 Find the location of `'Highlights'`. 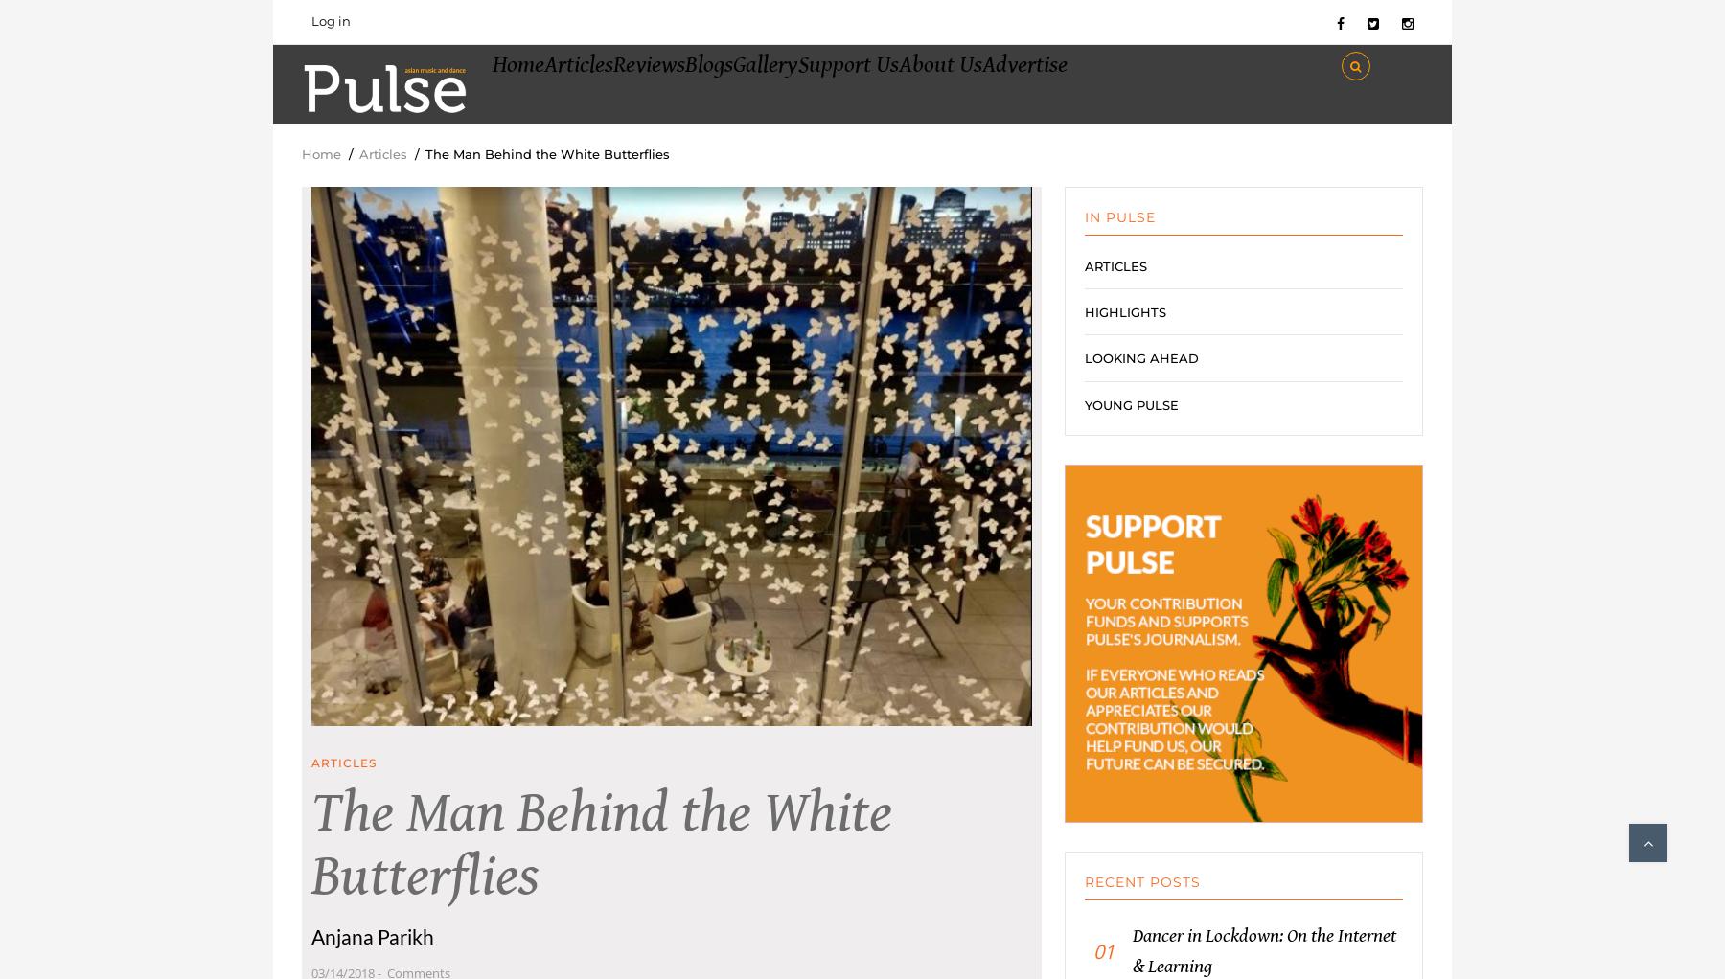

'Highlights' is located at coordinates (1084, 330).